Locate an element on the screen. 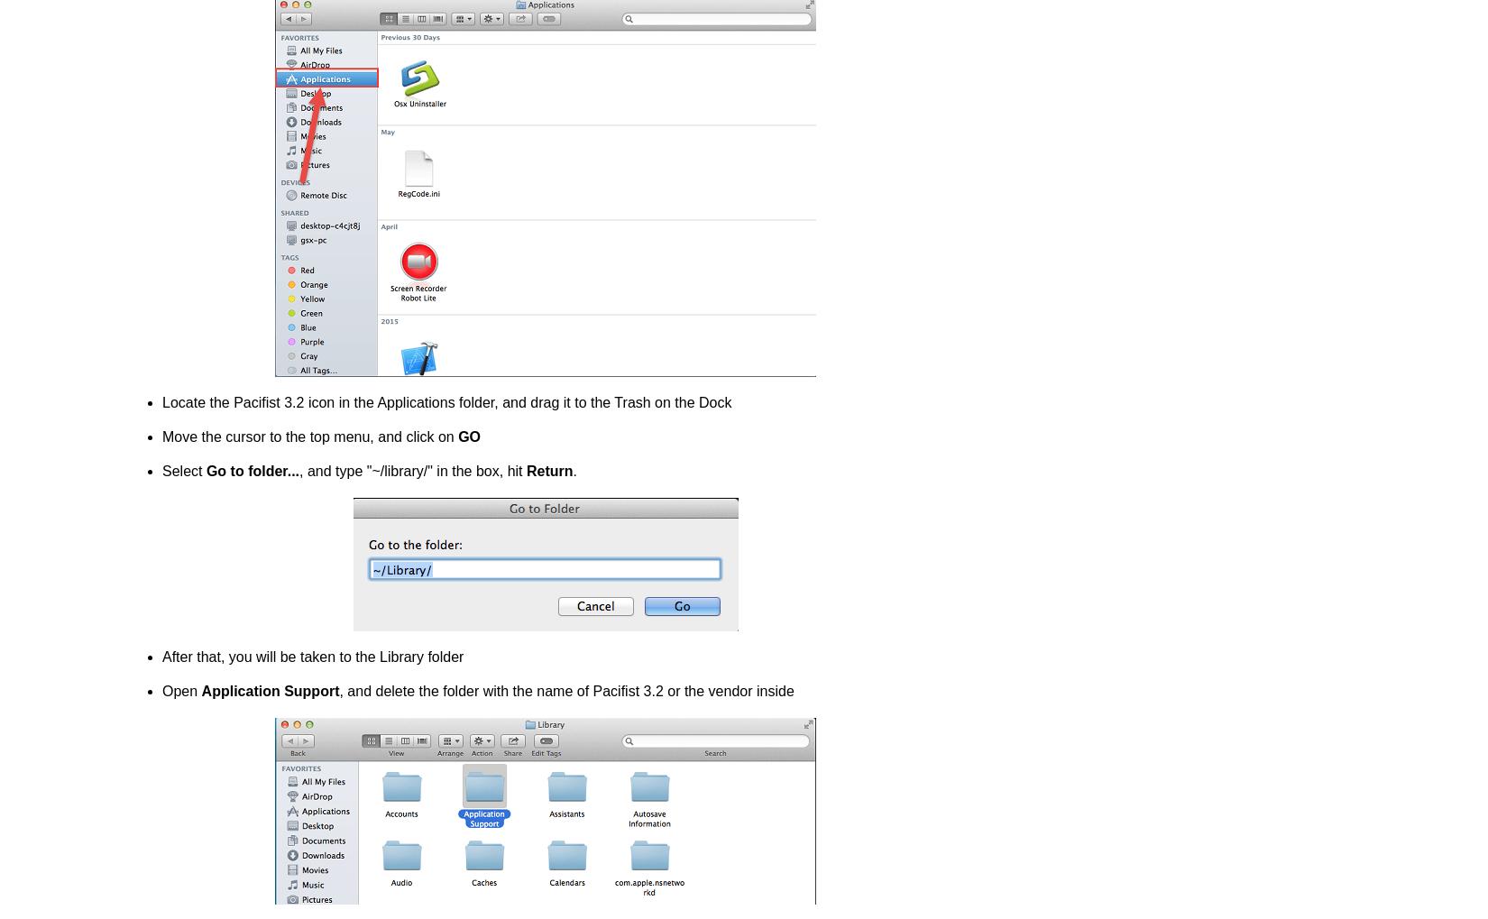 The height and width of the screenshot is (919, 1488). '.' is located at coordinates (574, 471).